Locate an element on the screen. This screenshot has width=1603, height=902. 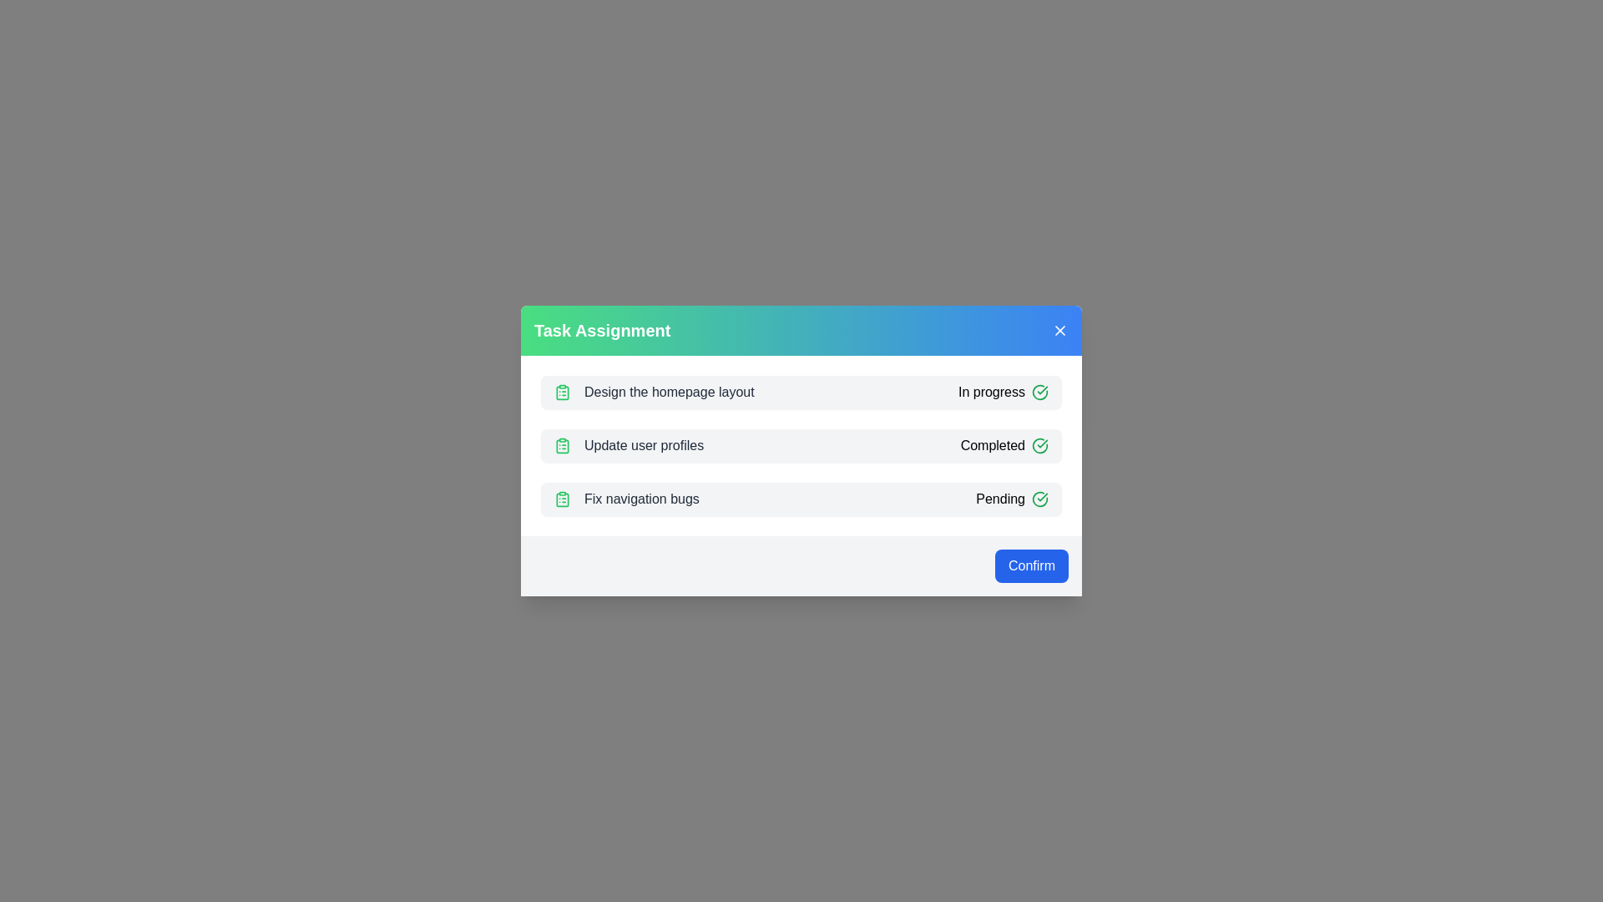
the completion status icon located to the right of the 'Completed' status label in the second row of the 'Task Assignment' table is located at coordinates (1039, 444).